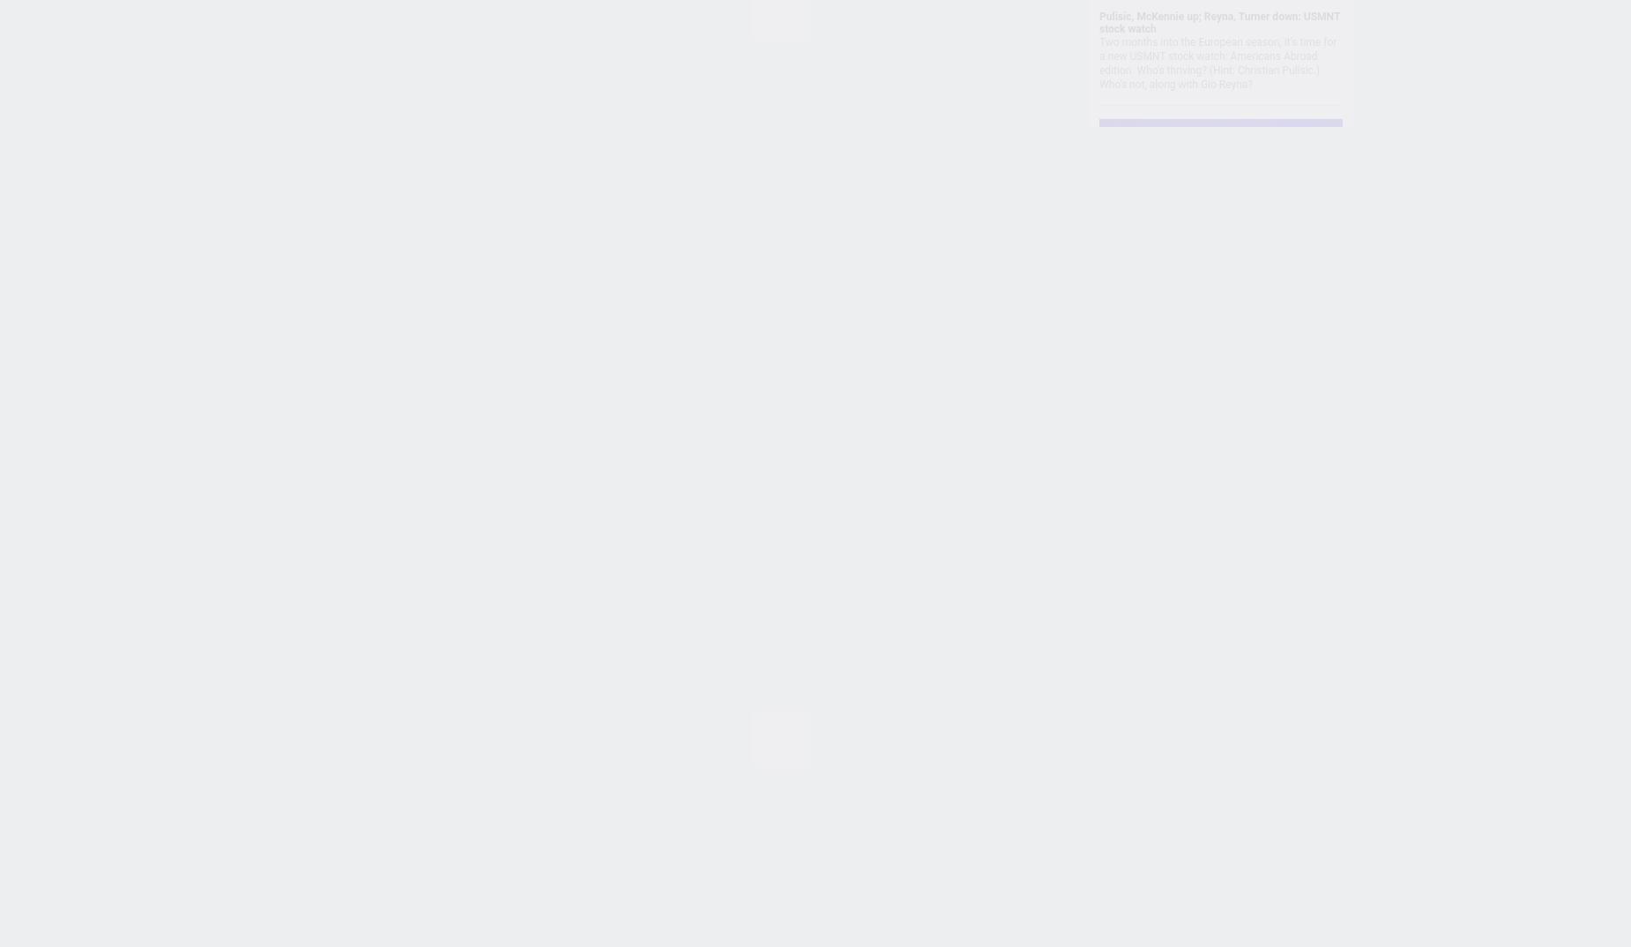 This screenshot has height=947, width=1631. I want to click on 'From Ten Hag to ownership: Man United's biggest issues', so click(693, 533).